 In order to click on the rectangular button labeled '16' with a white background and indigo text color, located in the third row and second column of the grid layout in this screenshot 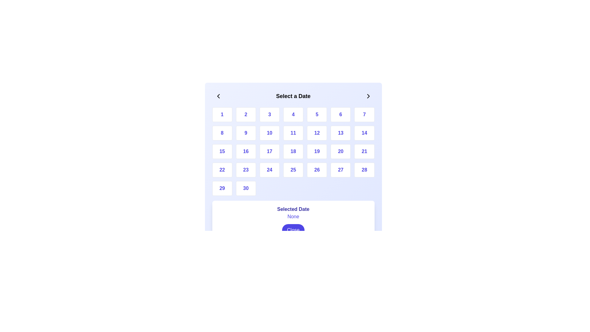, I will do `click(246, 152)`.